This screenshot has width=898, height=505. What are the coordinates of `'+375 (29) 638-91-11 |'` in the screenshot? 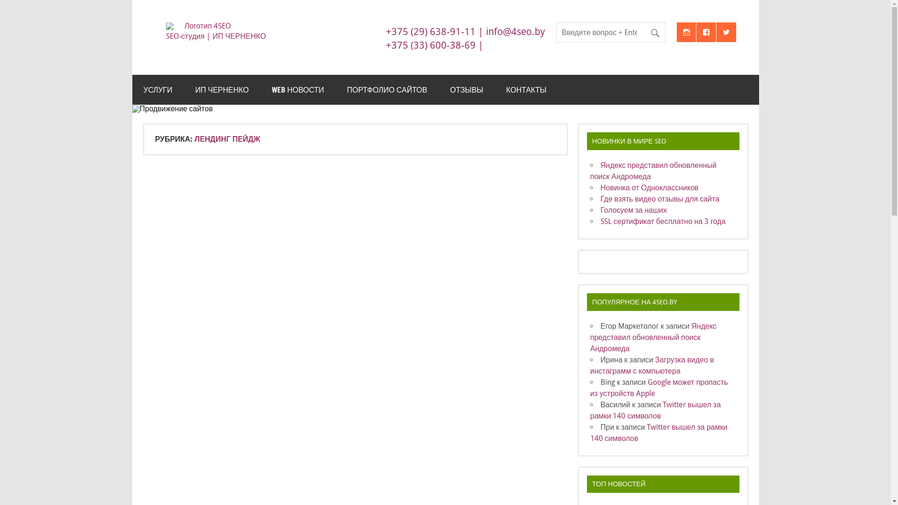 It's located at (434, 31).